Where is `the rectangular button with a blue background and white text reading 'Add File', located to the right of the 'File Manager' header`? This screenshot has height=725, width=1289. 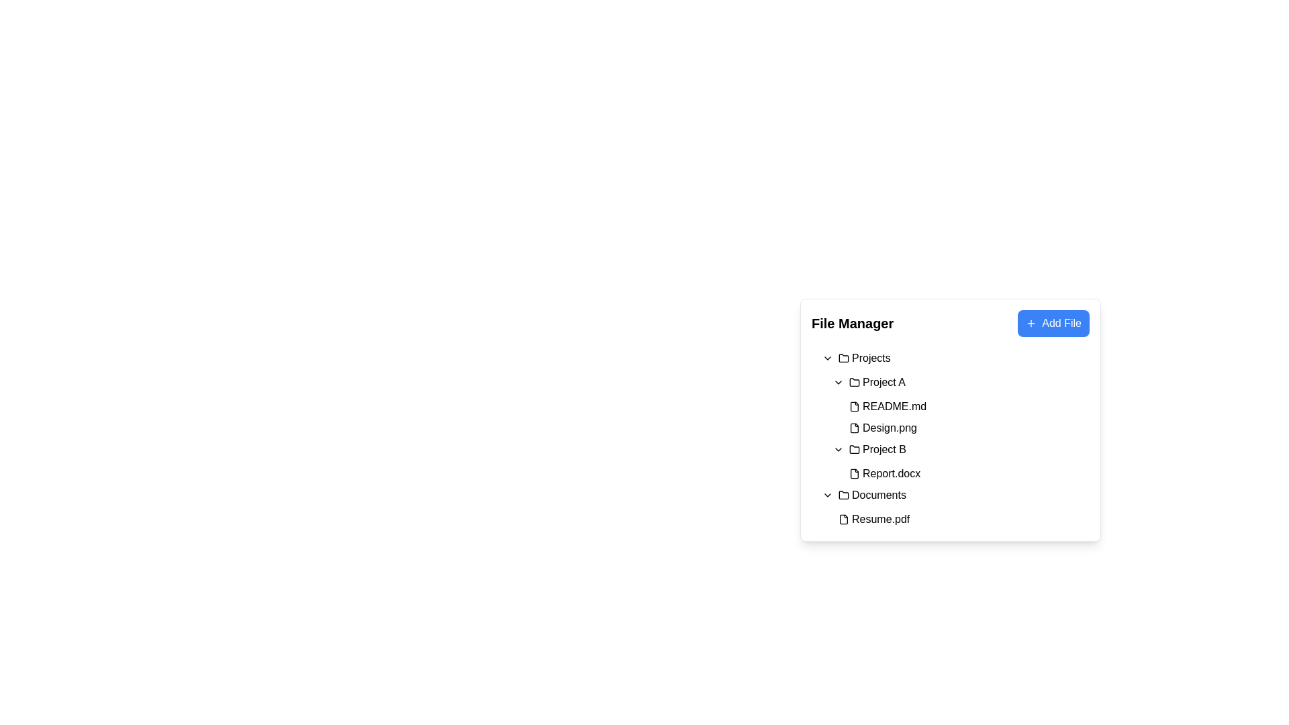
the rectangular button with a blue background and white text reading 'Add File', located to the right of the 'File Manager' header is located at coordinates (1053, 324).